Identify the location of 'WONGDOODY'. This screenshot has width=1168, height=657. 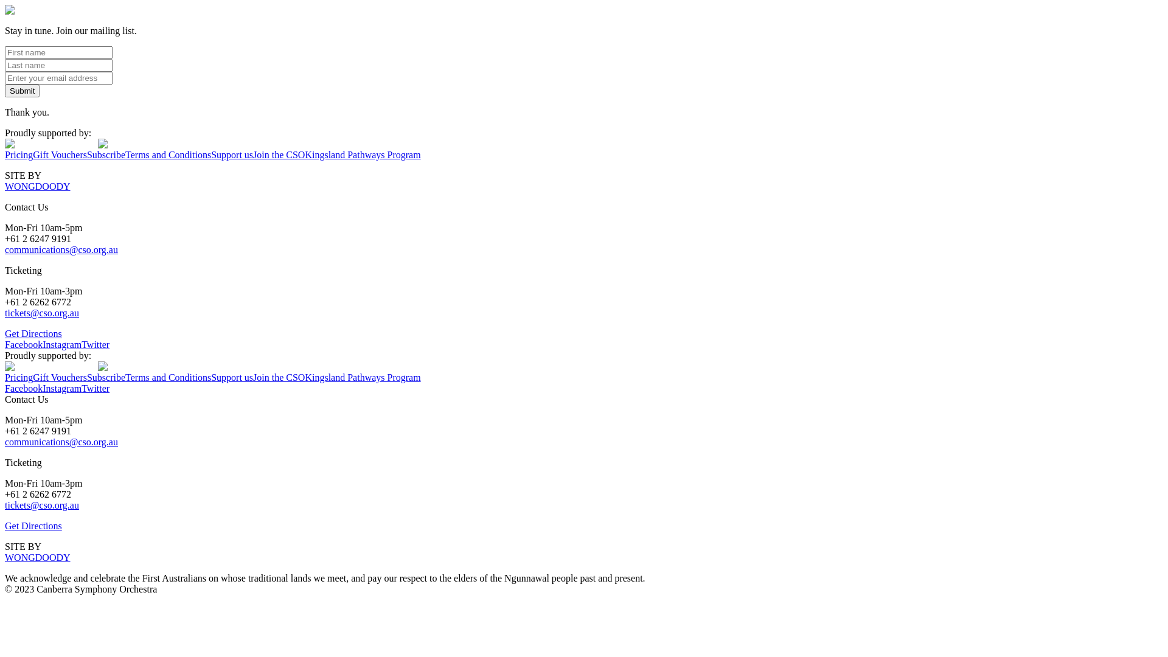
(38, 557).